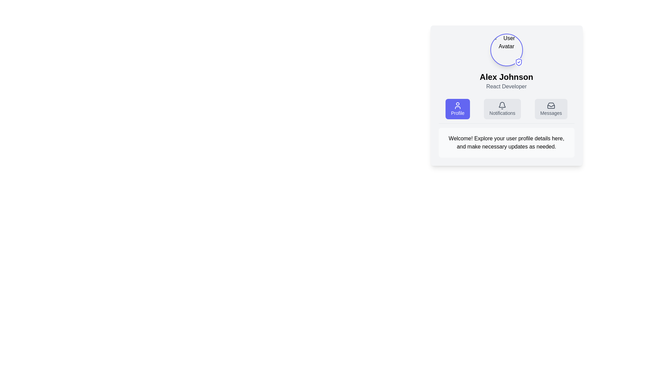  What do you see at coordinates (502, 106) in the screenshot?
I see `the bell icon located within the 'Notifications' button, which is styled with rounded corners and a light gray background. The icon is minimalistic and dark gray, positioned centrally within the button` at bounding box center [502, 106].